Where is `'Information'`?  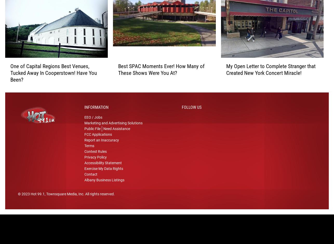 'Information' is located at coordinates (96, 114).